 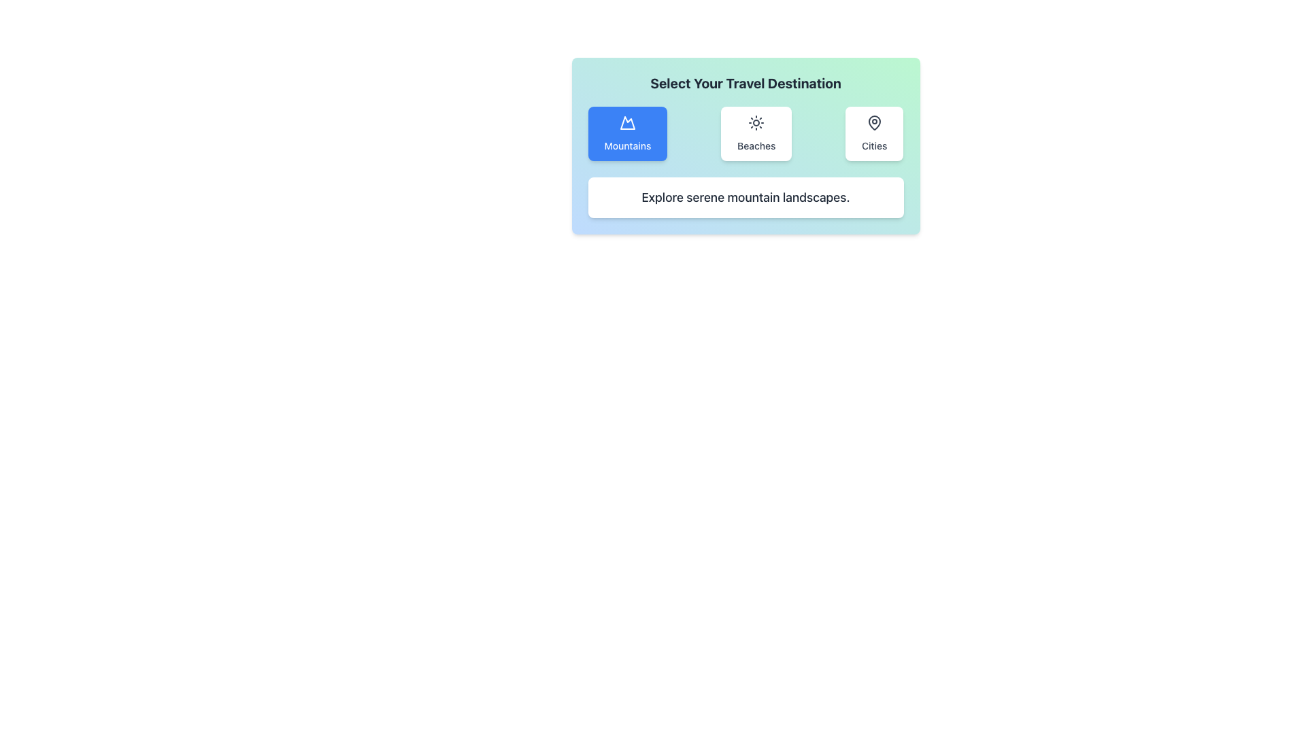 I want to click on the 'Cities' icon, so click(x=874, y=123).